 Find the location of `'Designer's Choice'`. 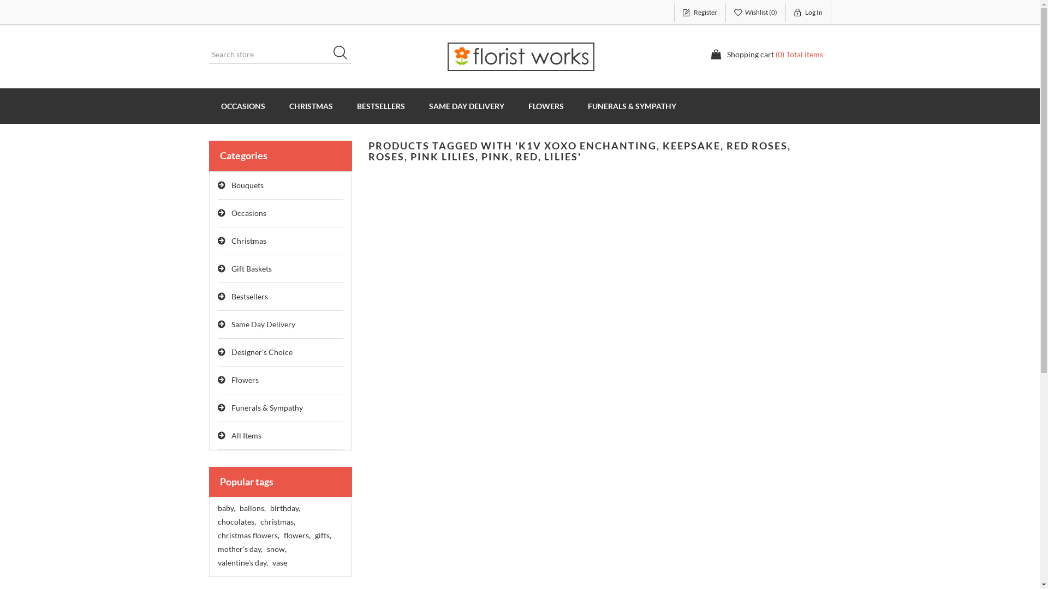

'Designer's Choice' is located at coordinates (280, 352).